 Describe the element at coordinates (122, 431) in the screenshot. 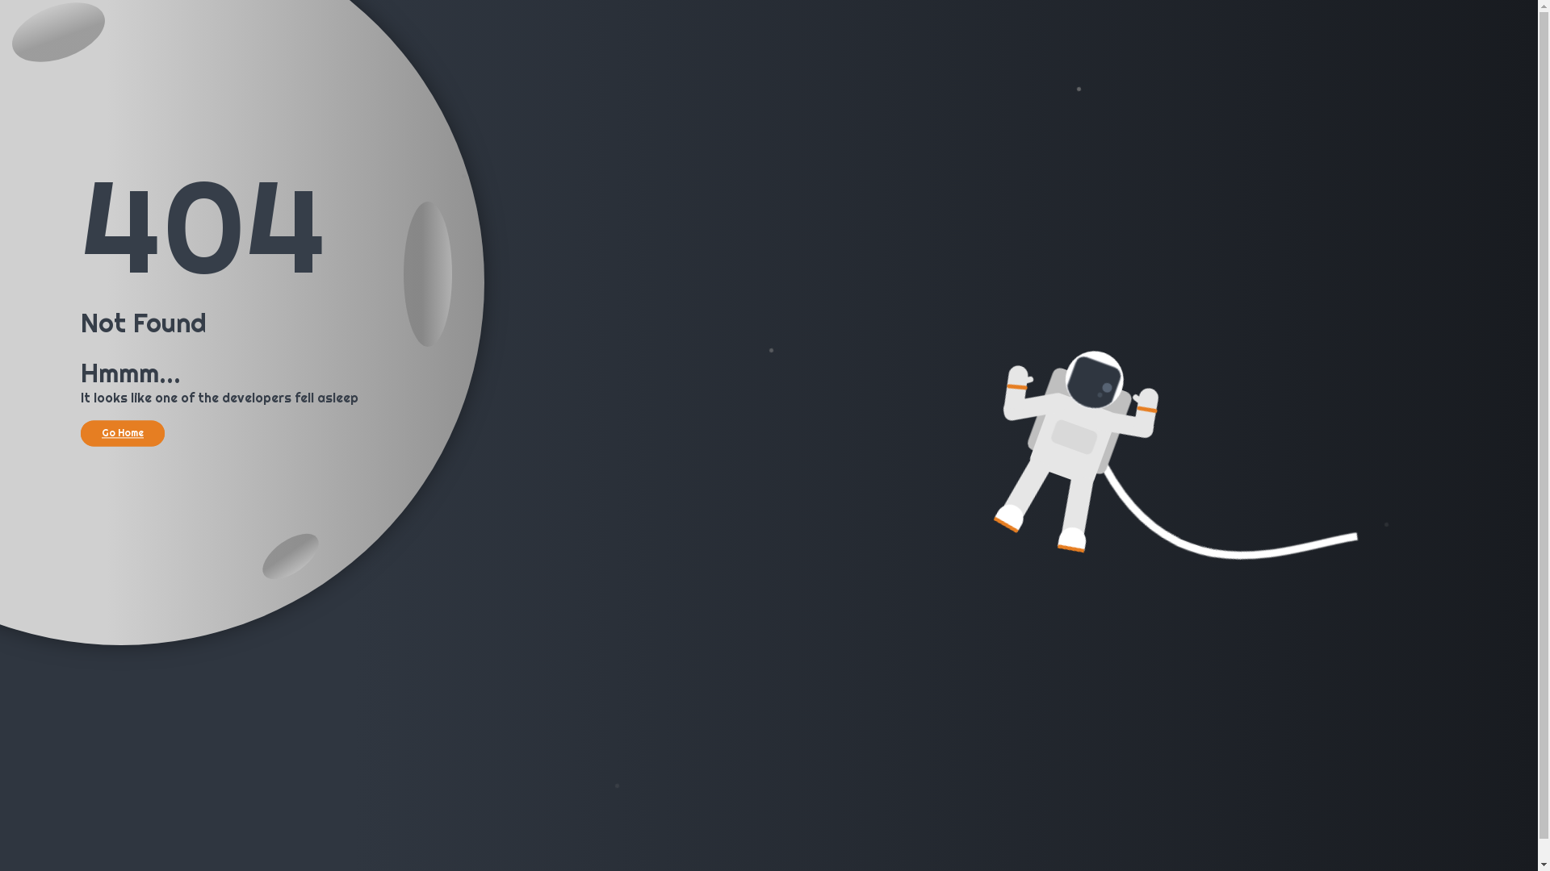

I see `'Go Home'` at that location.